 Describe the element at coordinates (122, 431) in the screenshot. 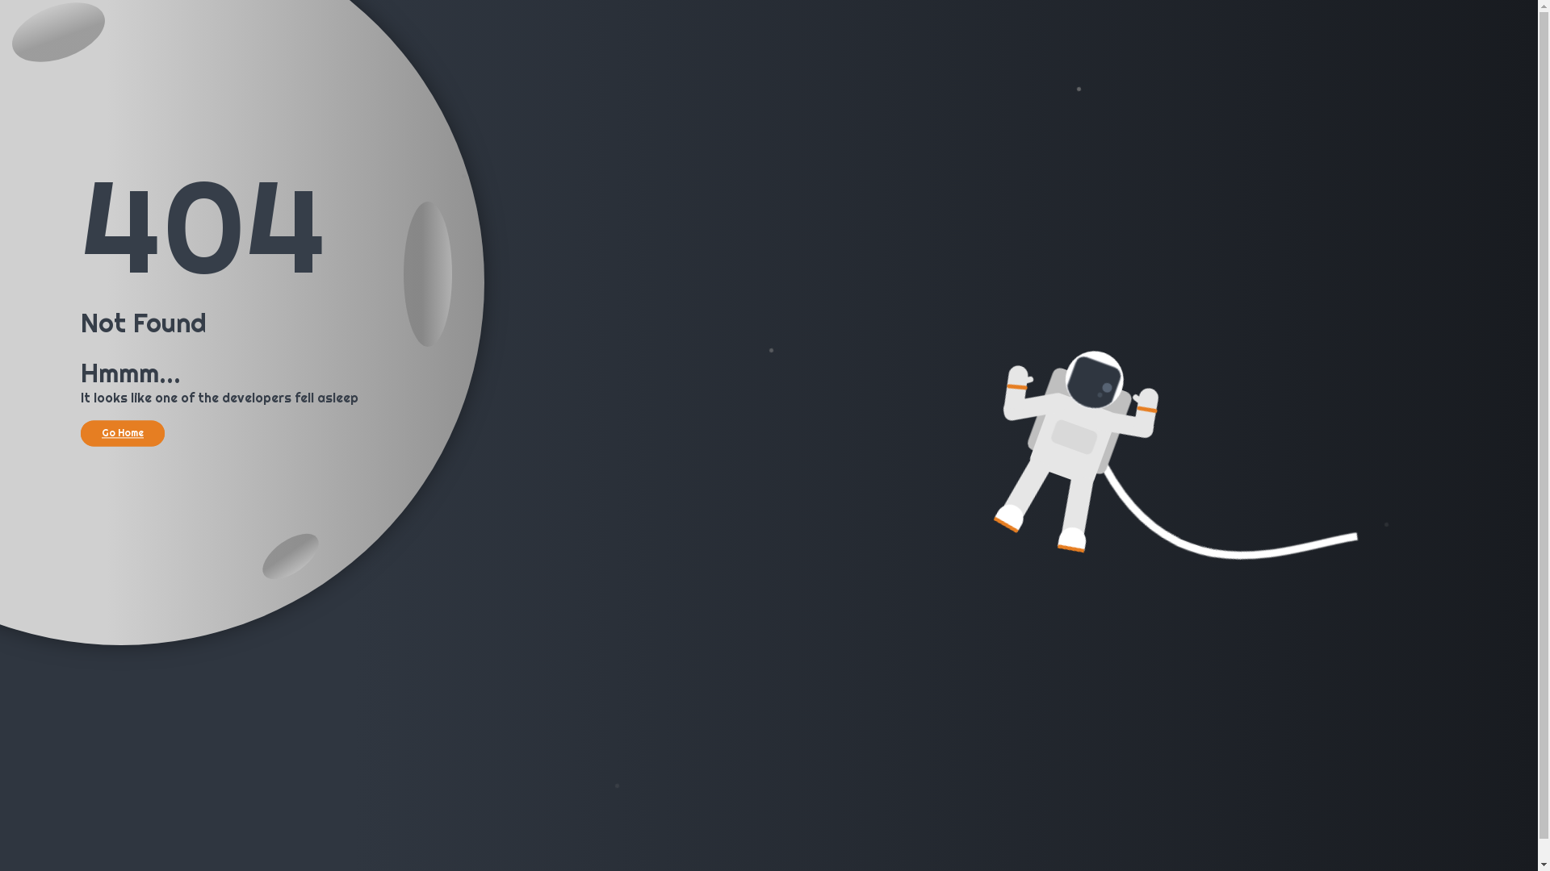

I see `'Go Home'` at that location.